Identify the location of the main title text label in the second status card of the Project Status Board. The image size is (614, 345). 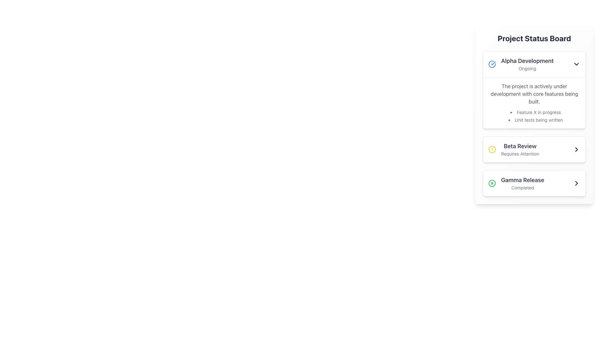
(520, 146).